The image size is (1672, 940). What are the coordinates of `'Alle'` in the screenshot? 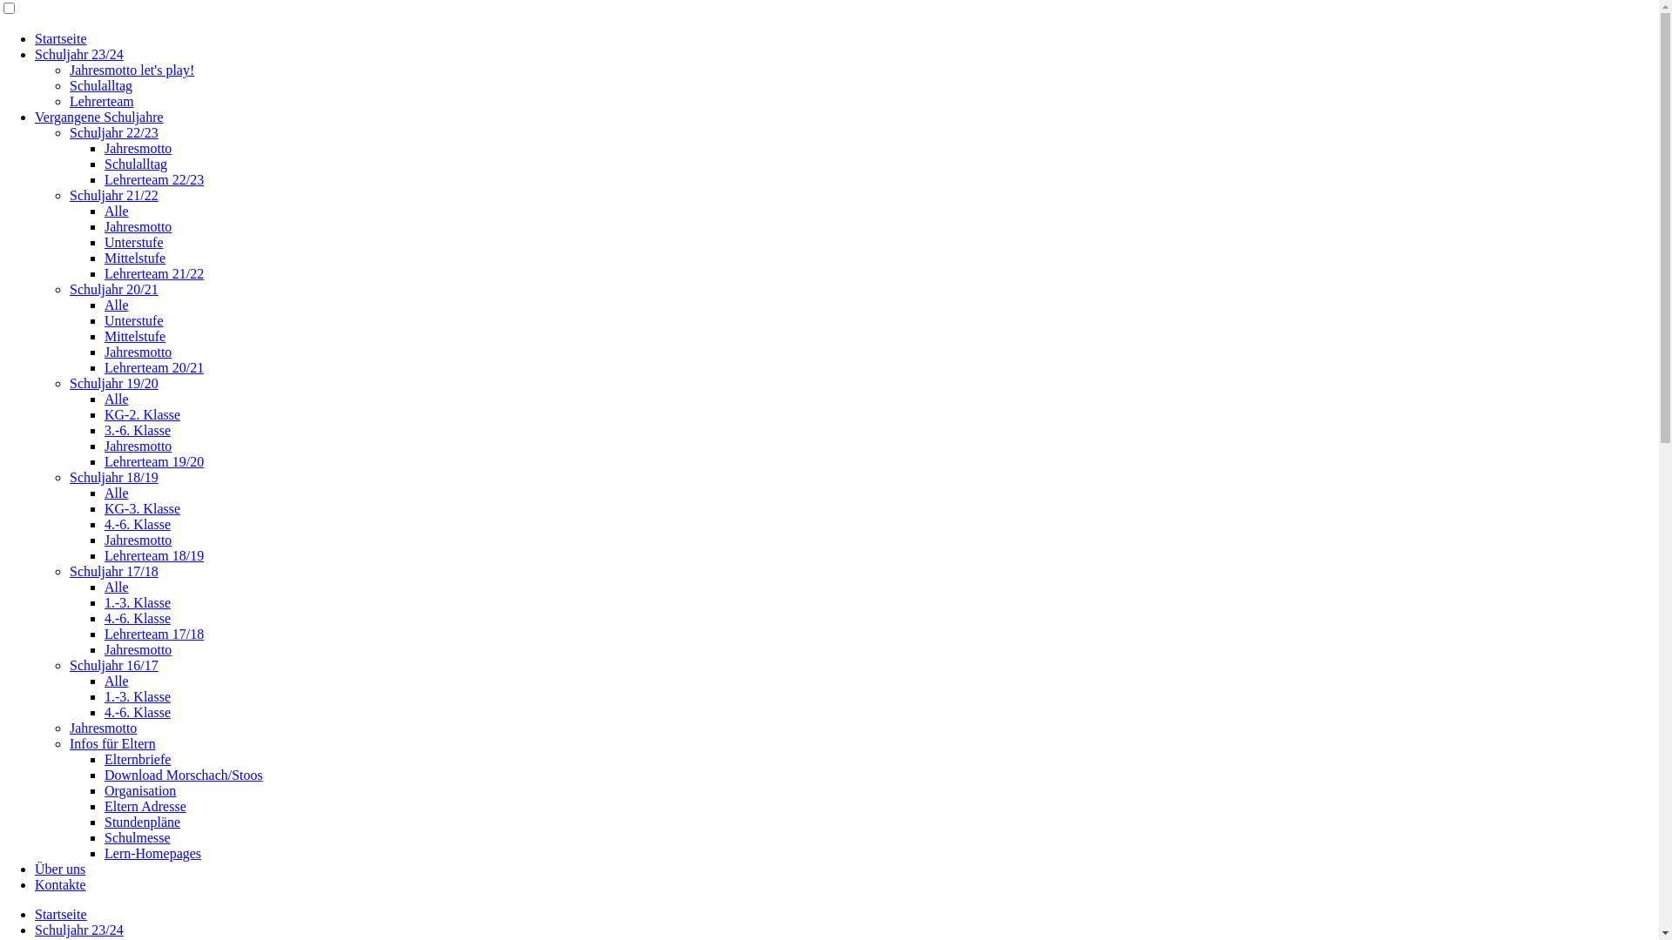 It's located at (116, 399).